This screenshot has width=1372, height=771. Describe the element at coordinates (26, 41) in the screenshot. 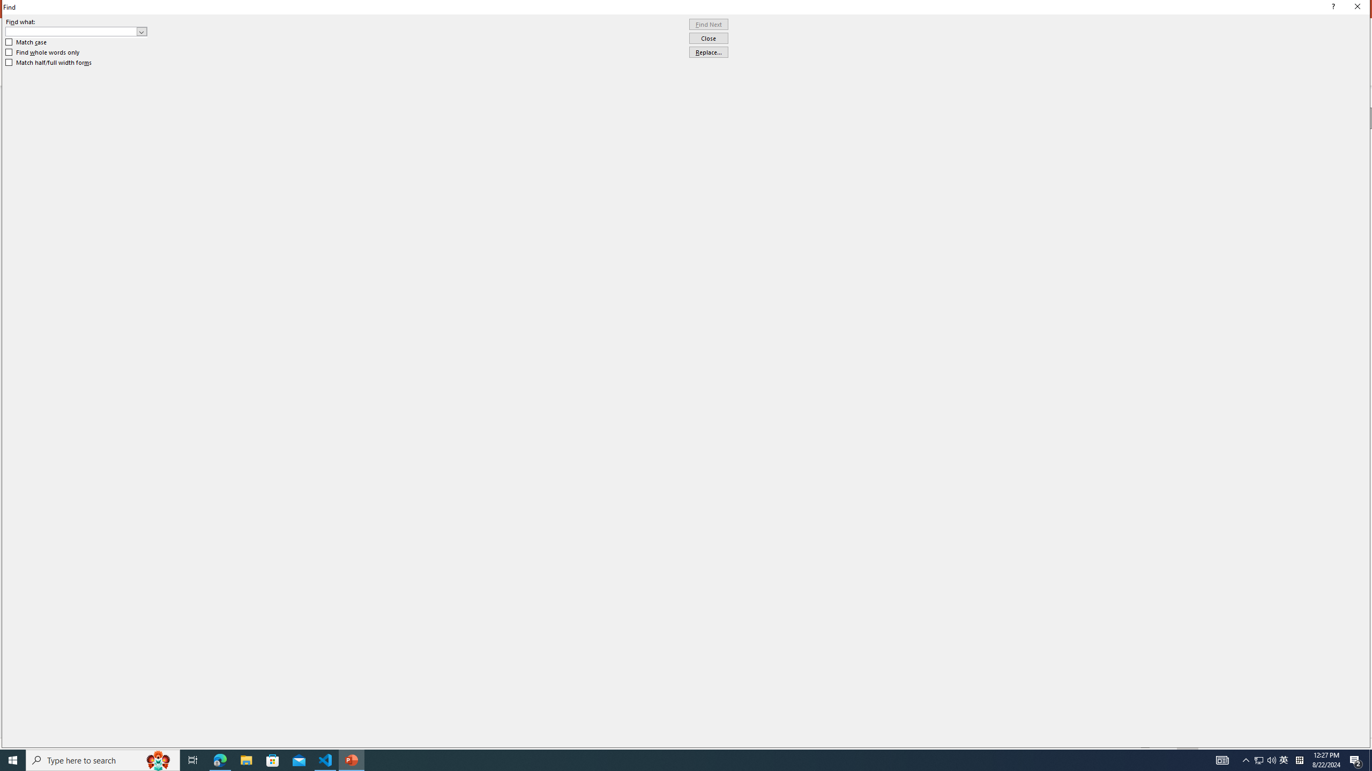

I see `'Match case'` at that location.